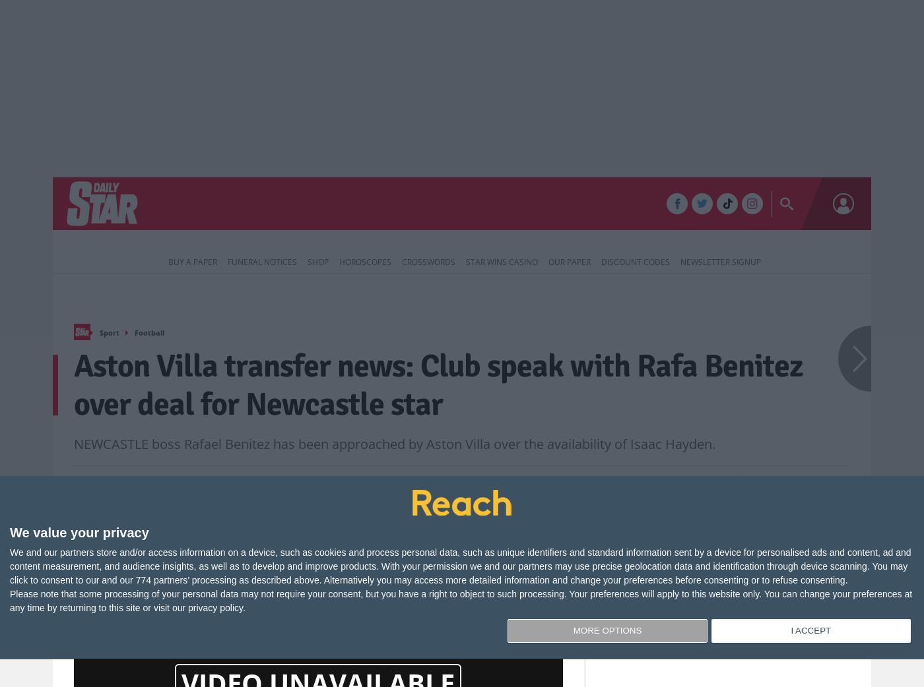  What do you see at coordinates (636, 261) in the screenshot?
I see `'Discount Codes'` at bounding box center [636, 261].